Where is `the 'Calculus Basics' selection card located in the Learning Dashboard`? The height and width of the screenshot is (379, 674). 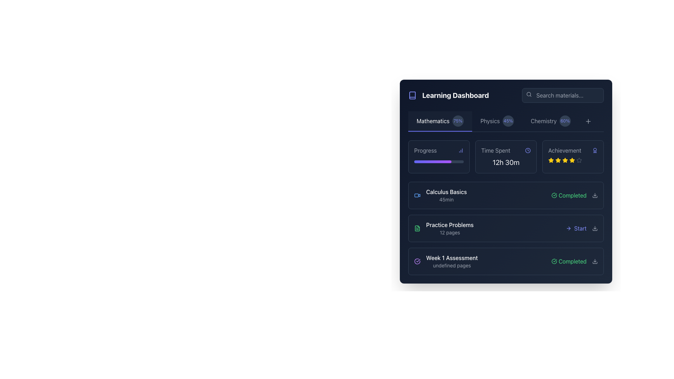
the 'Calculus Basics' selection card located in the Learning Dashboard is located at coordinates (506, 195).